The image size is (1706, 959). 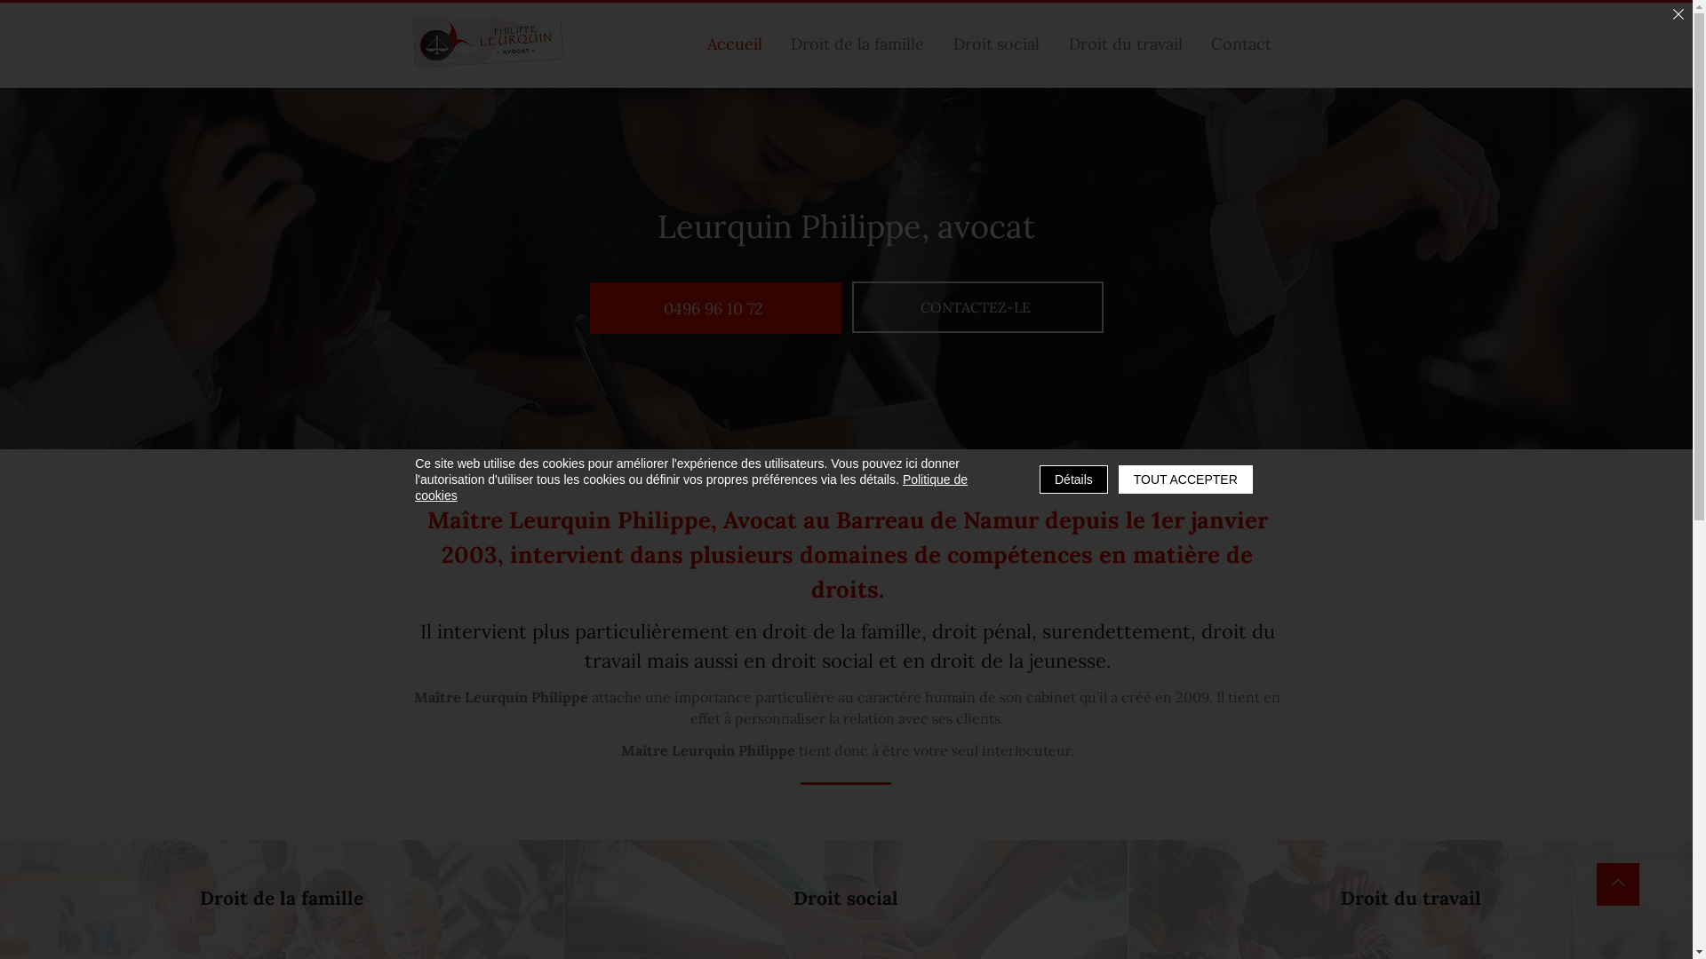 I want to click on 'Accueil', so click(x=735, y=43).